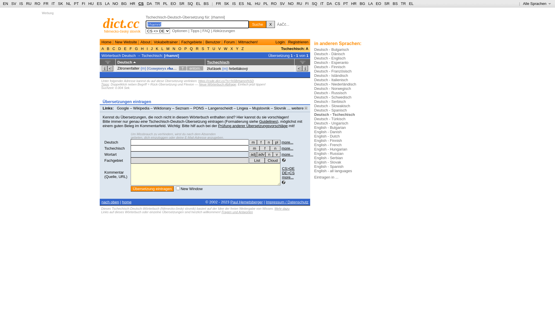 The height and width of the screenshot is (312, 555). Describe the element at coordinates (282, 148) in the screenshot. I see `'more...'` at that location.